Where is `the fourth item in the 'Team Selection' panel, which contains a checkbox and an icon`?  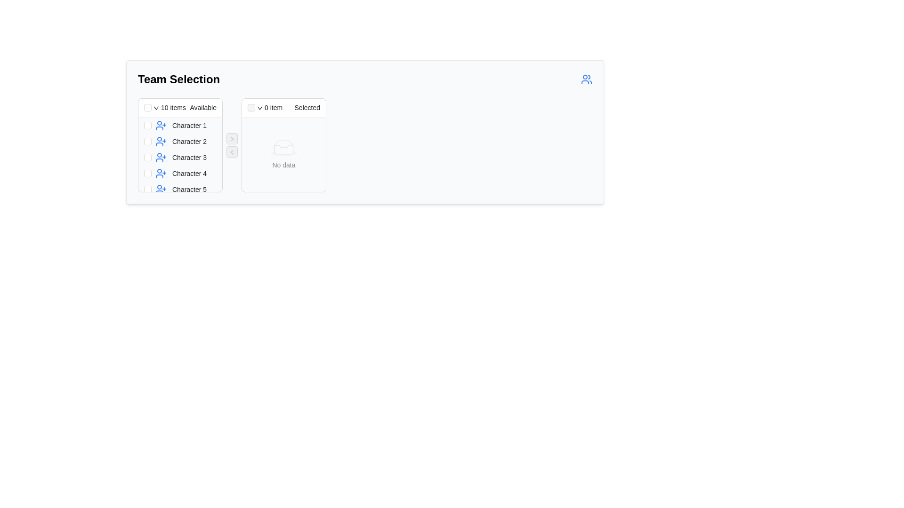 the fourth item in the 'Team Selection' panel, which contains a checkbox and an icon is located at coordinates (180, 174).